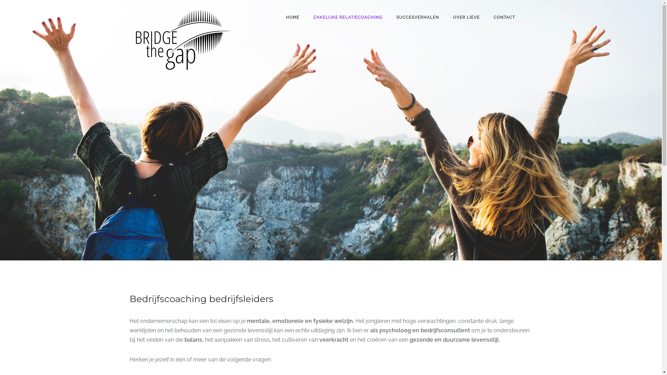 The image size is (667, 375). Describe the element at coordinates (466, 17) in the screenshot. I see `'OVER LIEVE'` at that location.